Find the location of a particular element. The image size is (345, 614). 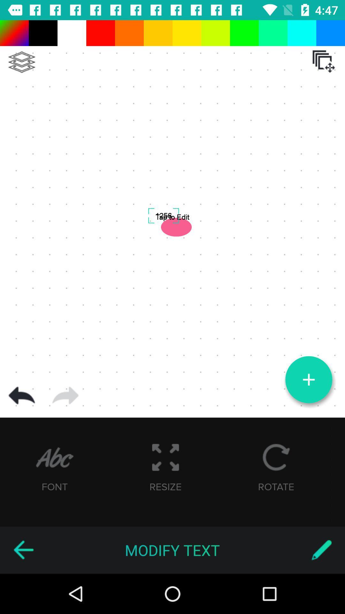

edit text is located at coordinates (321, 550).